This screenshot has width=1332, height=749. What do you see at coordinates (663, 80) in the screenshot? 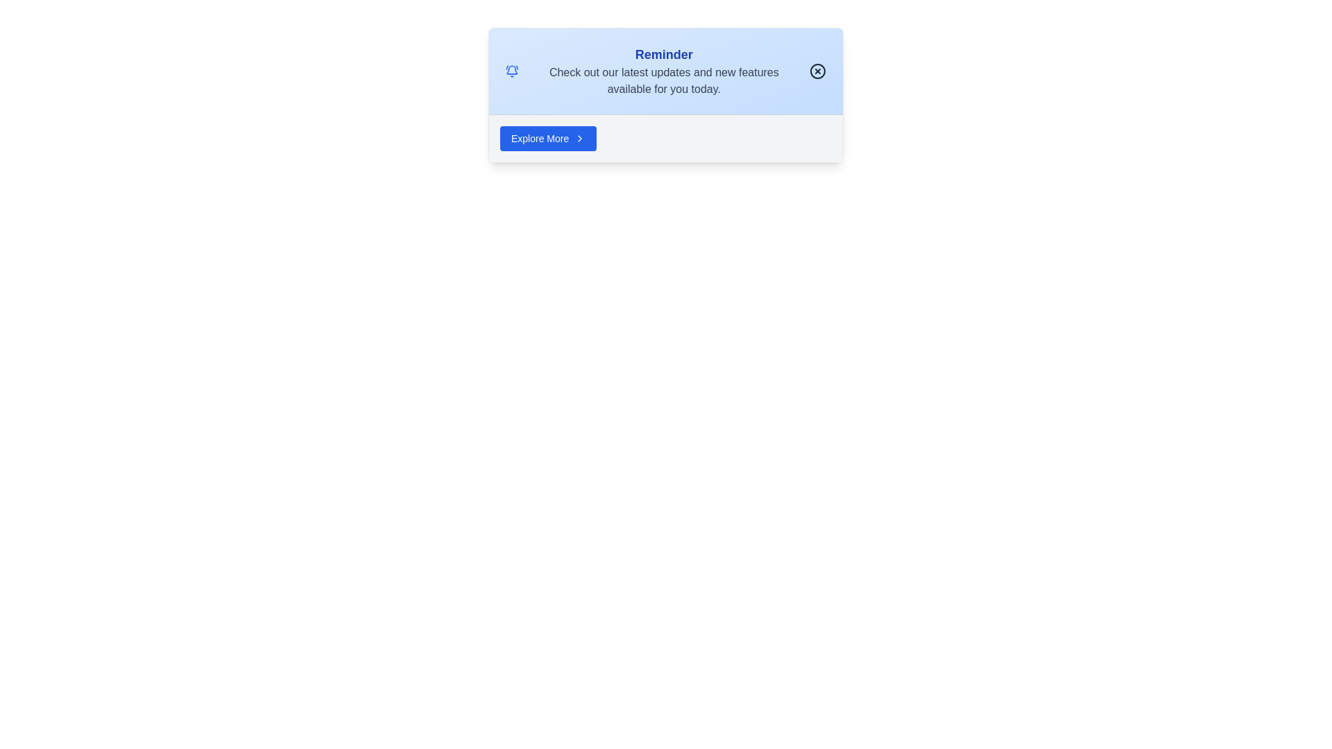
I see `the text label reading 'Check out our latest updates and new features available for you today.' which is positioned below the bold 'Reminder' heading in the blue notification card` at bounding box center [663, 80].